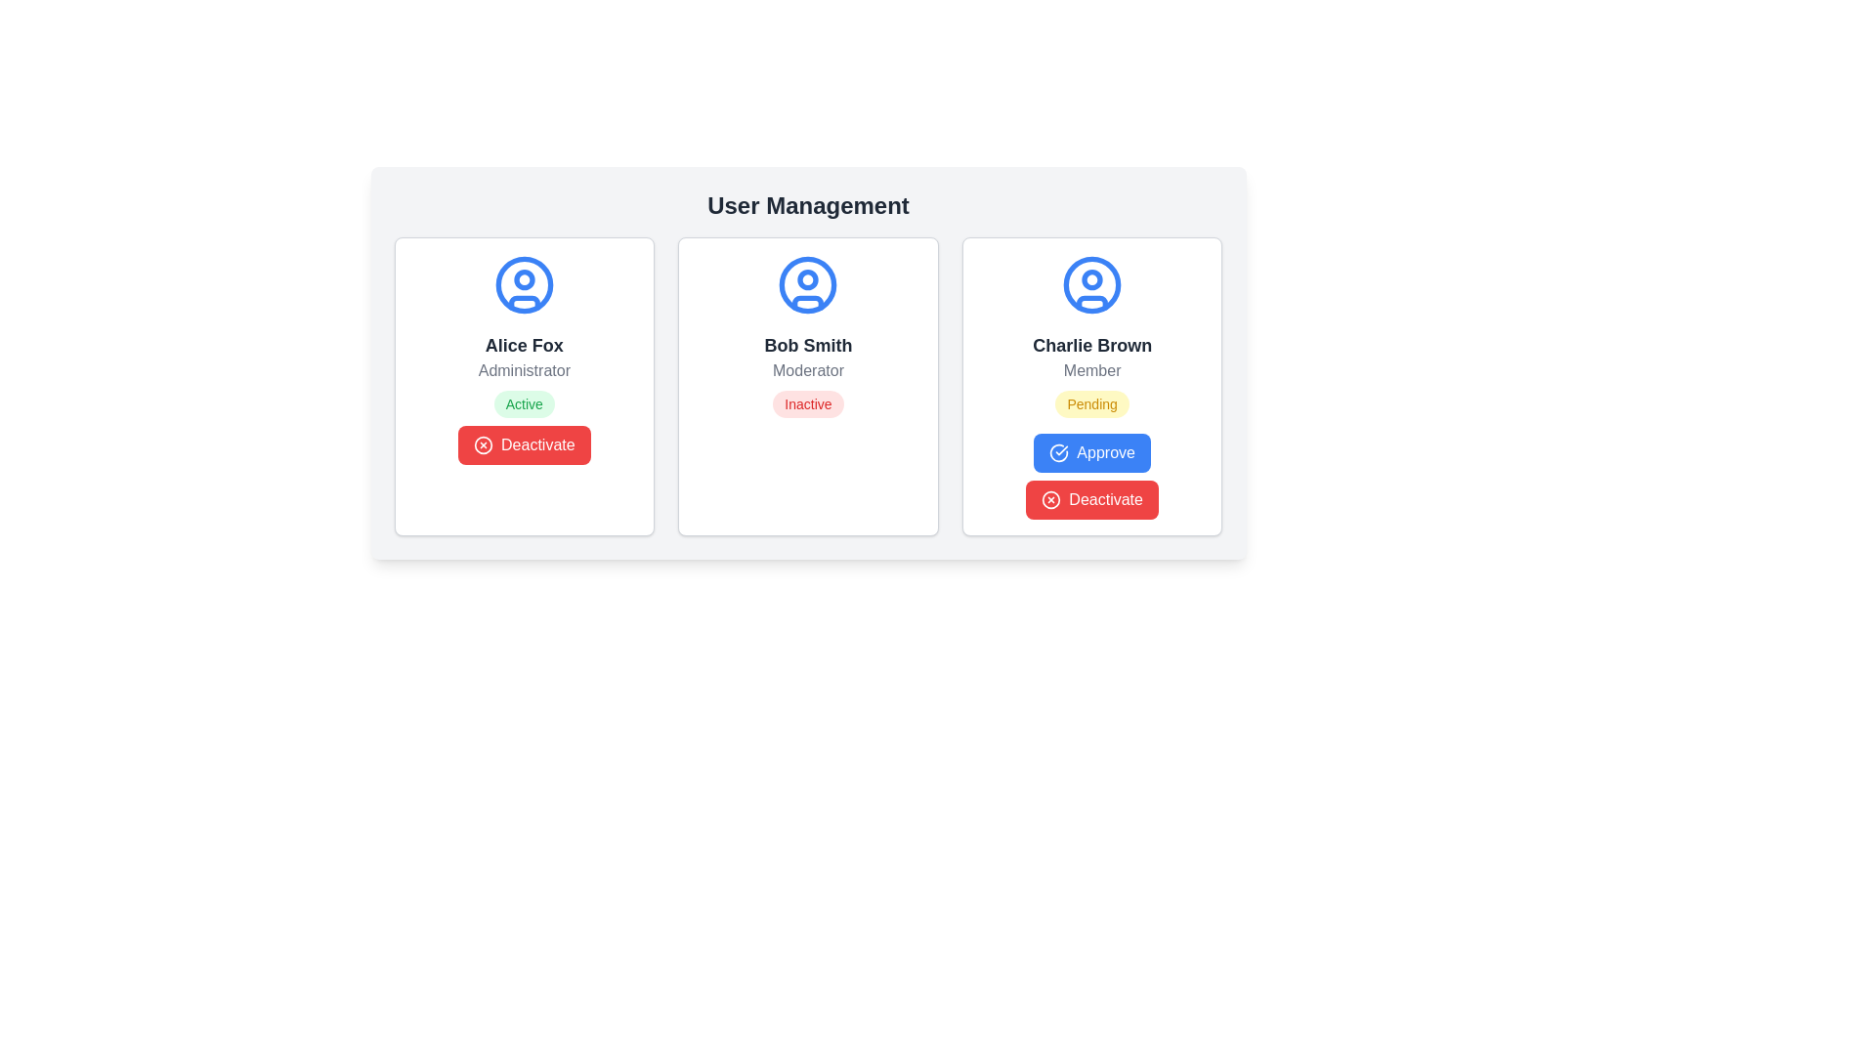 This screenshot has width=1876, height=1055. Describe the element at coordinates (1058, 452) in the screenshot. I see `the circular icon with a checkmark, which has a blue border and a white background, located inside the 'Approve' button to the left of the text 'Approve' for Charlie Brown` at that location.